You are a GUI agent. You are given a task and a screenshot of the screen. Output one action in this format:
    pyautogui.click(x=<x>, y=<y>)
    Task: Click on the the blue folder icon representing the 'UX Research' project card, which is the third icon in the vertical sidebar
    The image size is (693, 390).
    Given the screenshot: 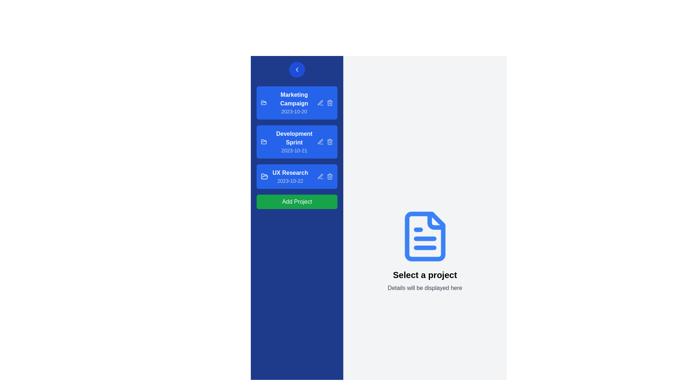 What is the action you would take?
    pyautogui.click(x=264, y=176)
    